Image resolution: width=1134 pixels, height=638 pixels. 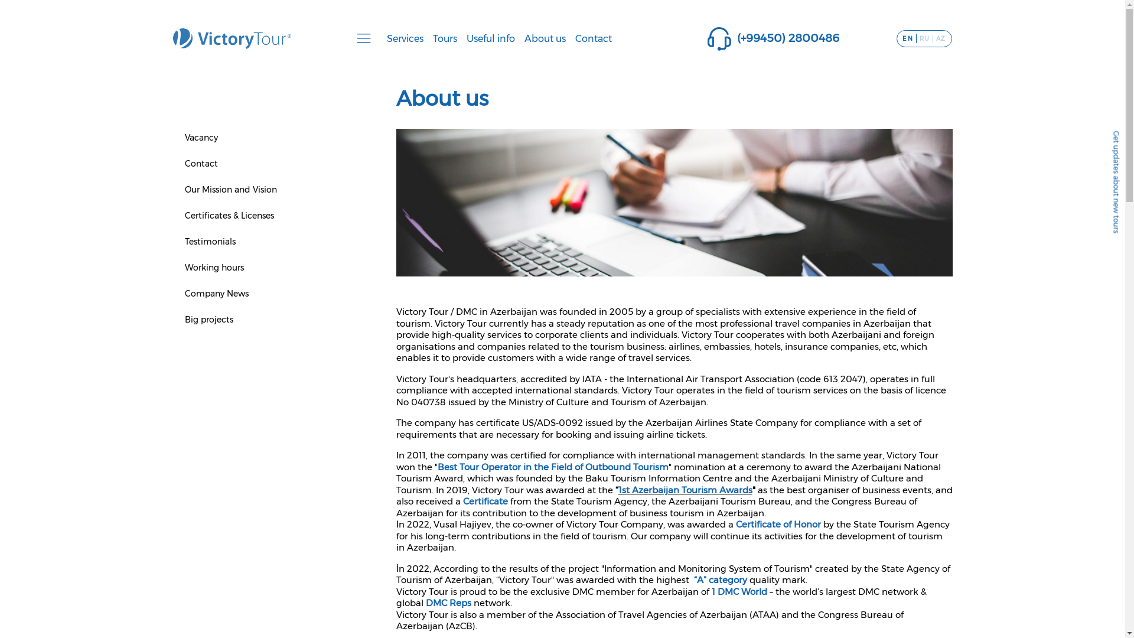 I want to click on 'DMC Reps', so click(x=448, y=603).